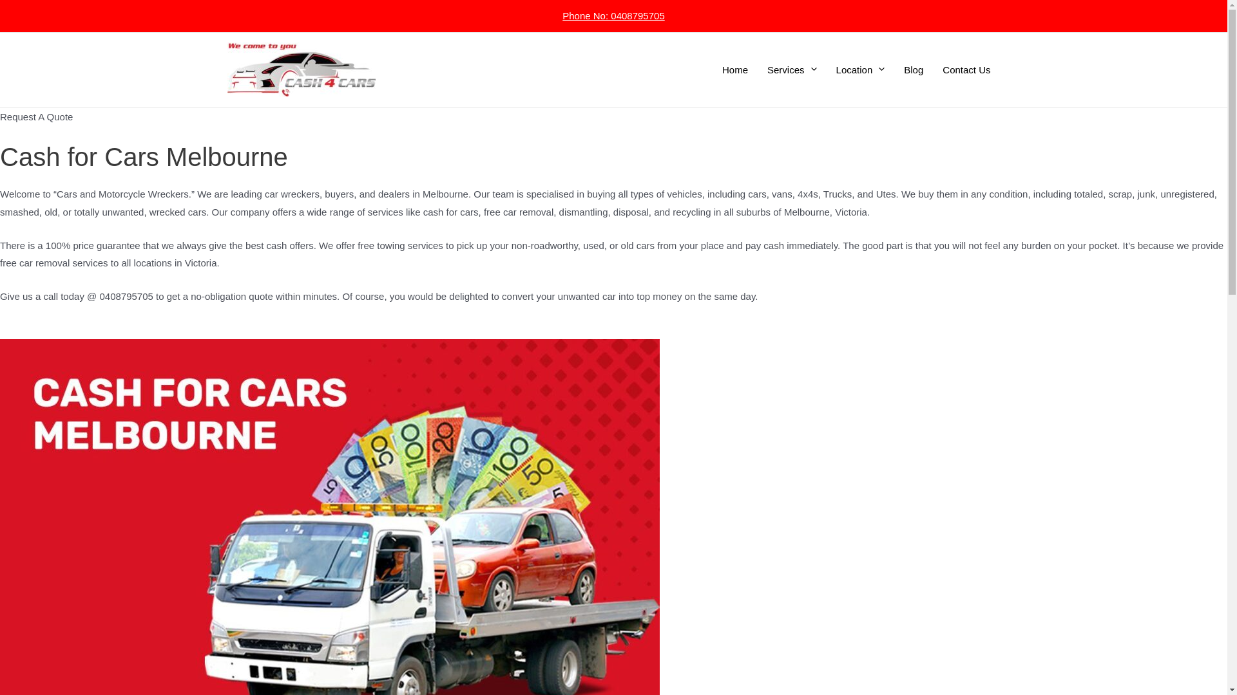 The width and height of the screenshot is (1237, 695). I want to click on 'Services', so click(758, 69).